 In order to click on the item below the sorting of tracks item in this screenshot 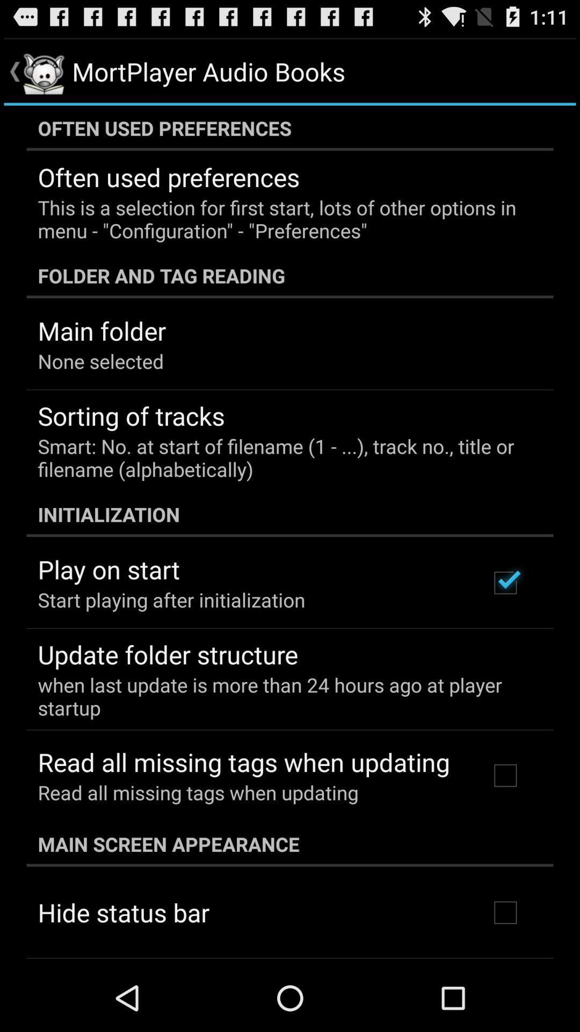, I will do `click(282, 457)`.